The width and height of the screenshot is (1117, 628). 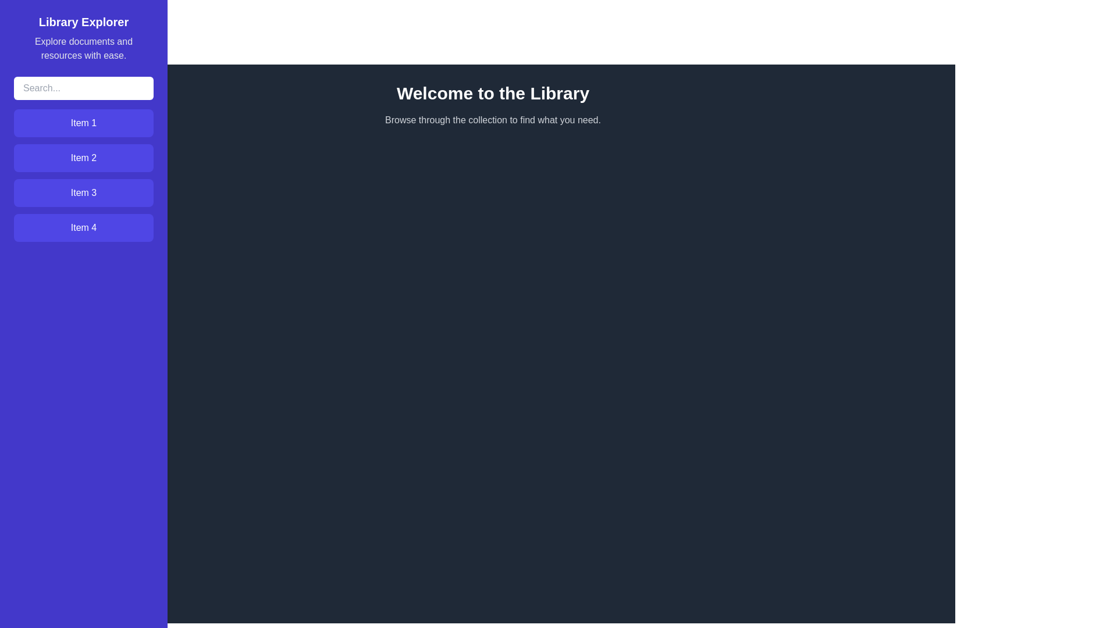 I want to click on the item Item 3 from the drawer menu, so click(x=83, y=192).